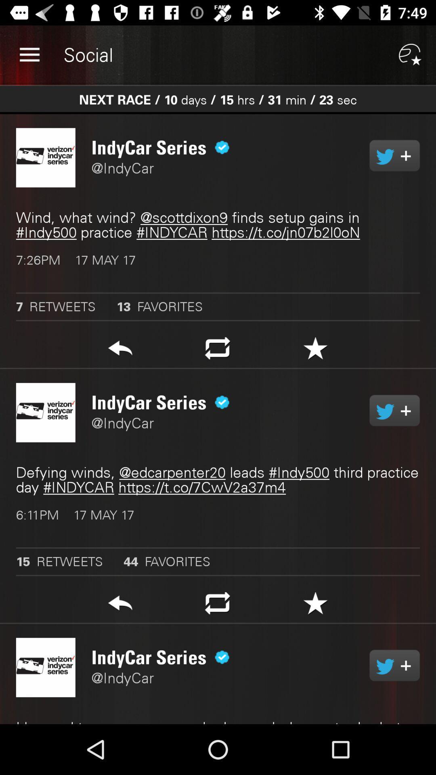  Describe the element at coordinates (315, 605) in the screenshot. I see `favorite` at that location.